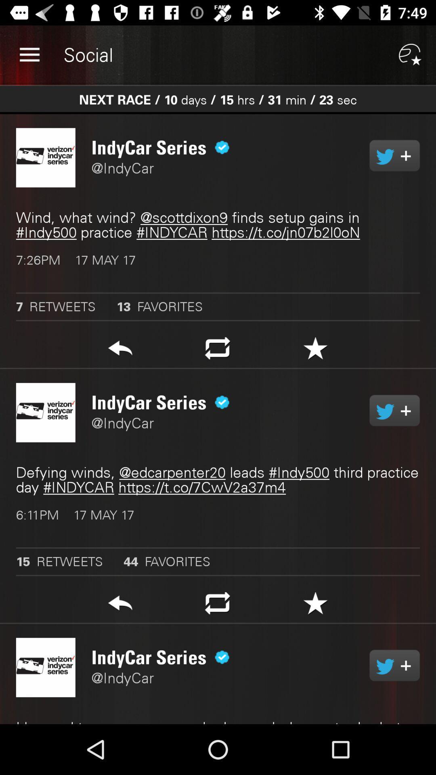  Describe the element at coordinates (315, 605) in the screenshot. I see `favorite` at that location.